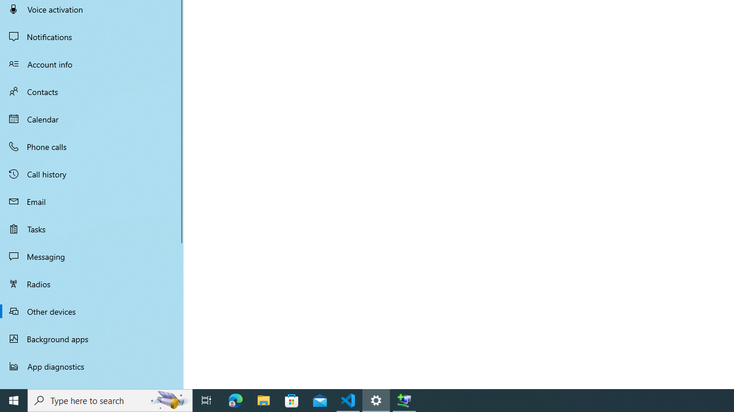 This screenshot has width=734, height=412. I want to click on 'Call history', so click(92, 174).